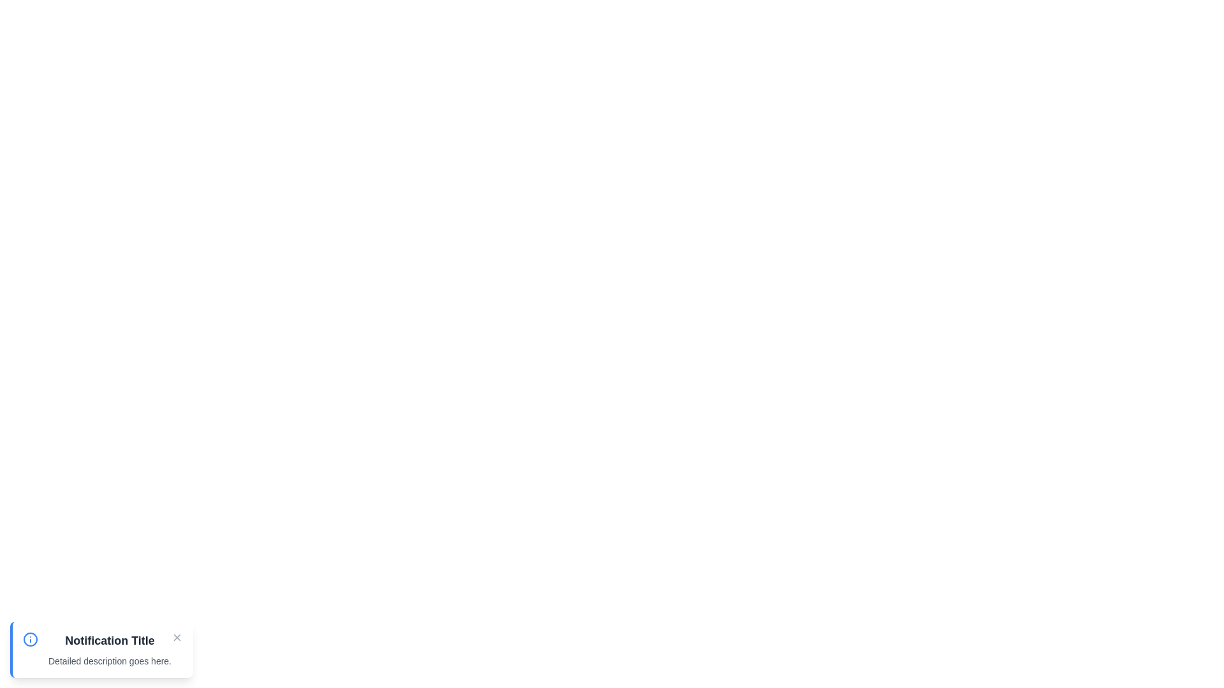  What do you see at coordinates (177, 638) in the screenshot?
I see `the close button of the notification to dismiss it` at bounding box center [177, 638].